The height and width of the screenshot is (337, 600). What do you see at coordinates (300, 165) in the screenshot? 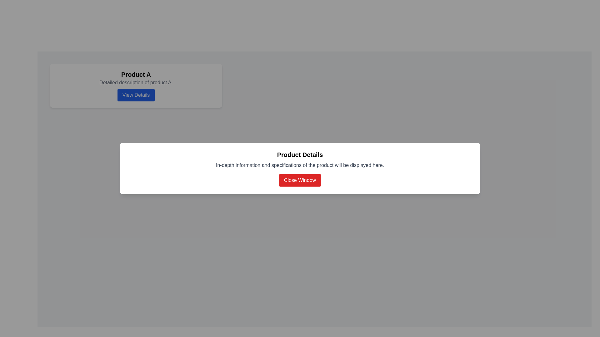
I see `the static text block that displays 'In-depth information and specifications of the product will be displayed here.' positioned below the 'Product Details' header` at bounding box center [300, 165].